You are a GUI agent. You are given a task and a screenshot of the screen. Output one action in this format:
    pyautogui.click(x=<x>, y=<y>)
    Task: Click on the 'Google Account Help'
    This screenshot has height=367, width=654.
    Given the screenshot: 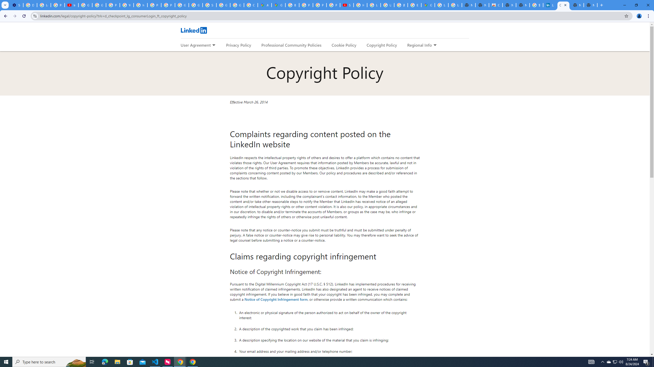 What is the action you would take?
    pyautogui.click(x=85, y=5)
    